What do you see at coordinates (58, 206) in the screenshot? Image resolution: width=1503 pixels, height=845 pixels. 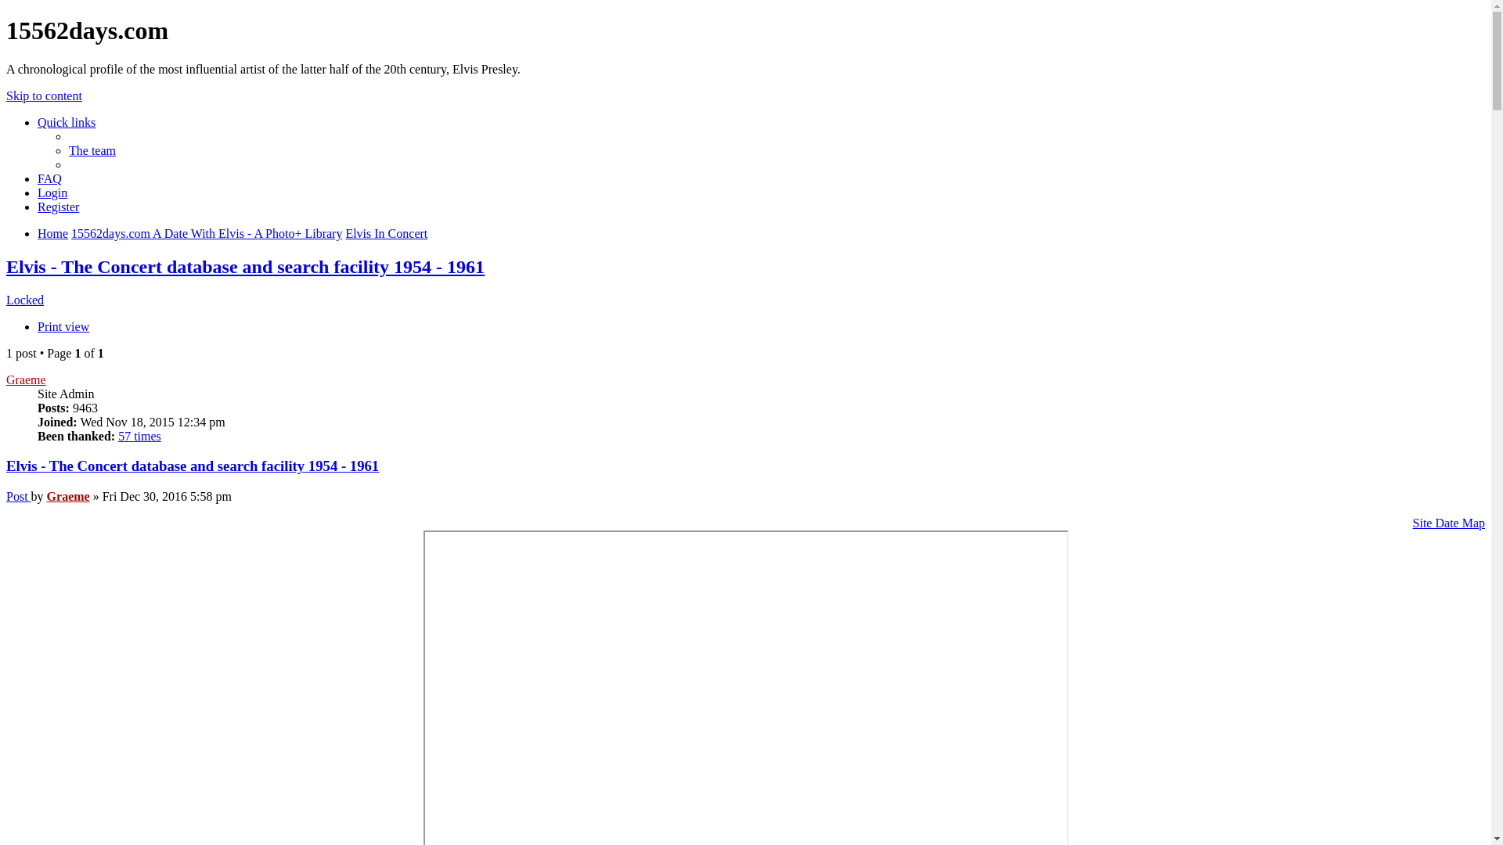 I see `'Register'` at bounding box center [58, 206].